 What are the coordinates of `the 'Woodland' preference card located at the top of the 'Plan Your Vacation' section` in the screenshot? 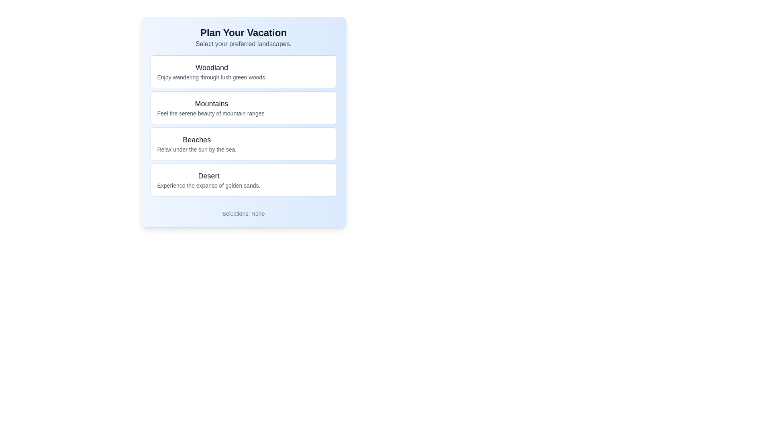 It's located at (243, 71).